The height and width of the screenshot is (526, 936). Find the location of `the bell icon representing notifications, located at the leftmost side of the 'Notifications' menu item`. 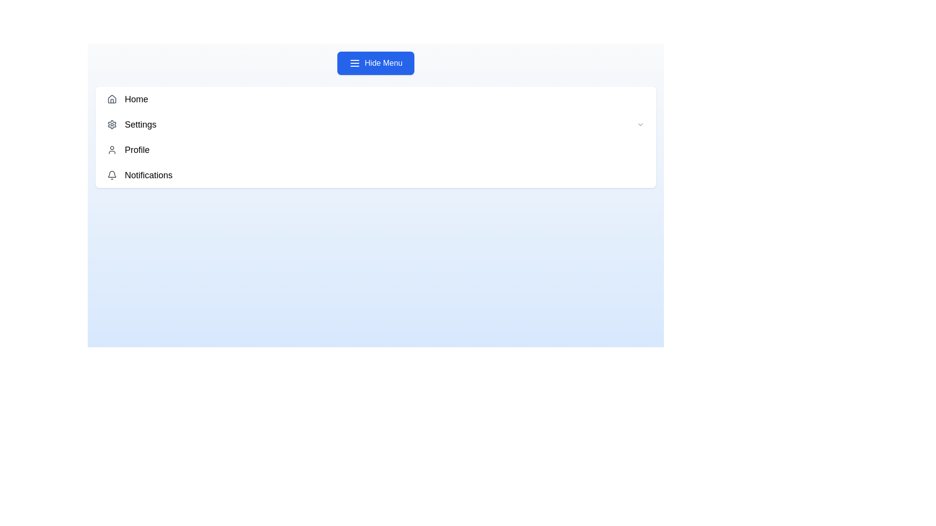

the bell icon representing notifications, located at the leftmost side of the 'Notifications' menu item is located at coordinates (112, 174).